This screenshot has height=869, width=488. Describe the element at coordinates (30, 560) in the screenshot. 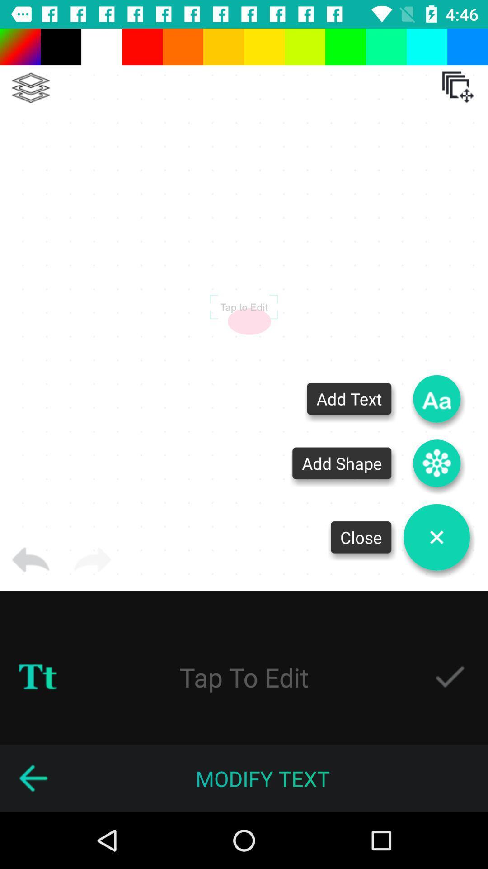

I see `the arrow  which is above tt` at that location.